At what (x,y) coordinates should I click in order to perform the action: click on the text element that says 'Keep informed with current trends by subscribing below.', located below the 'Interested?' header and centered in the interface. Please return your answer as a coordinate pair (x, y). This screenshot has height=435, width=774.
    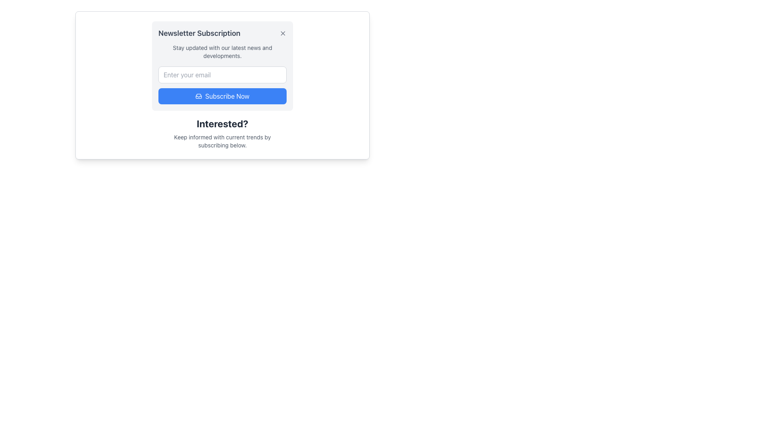
    Looking at the image, I should click on (223, 141).